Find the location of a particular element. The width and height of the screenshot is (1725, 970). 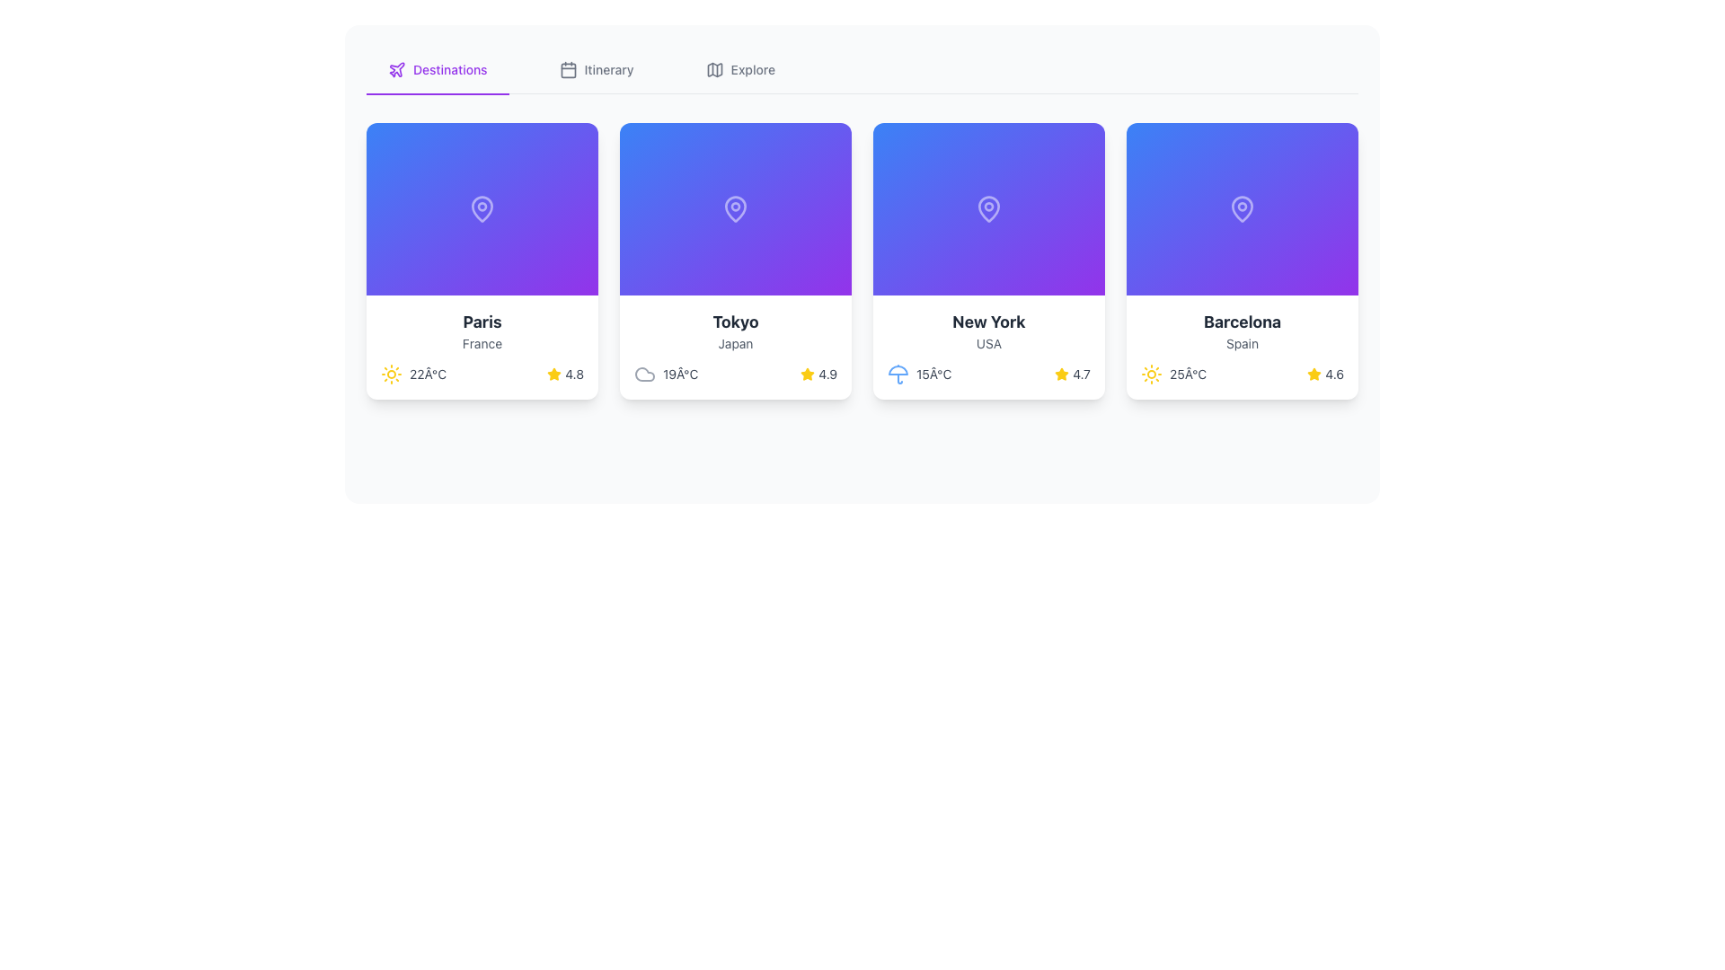

the first Informative card in the 'Destinations' tab is located at coordinates (482, 347).